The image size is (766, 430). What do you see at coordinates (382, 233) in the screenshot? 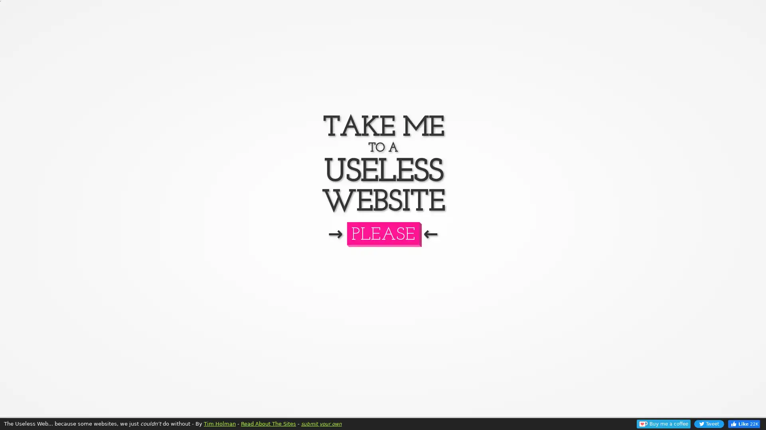
I see `PLEASE` at bounding box center [382, 233].